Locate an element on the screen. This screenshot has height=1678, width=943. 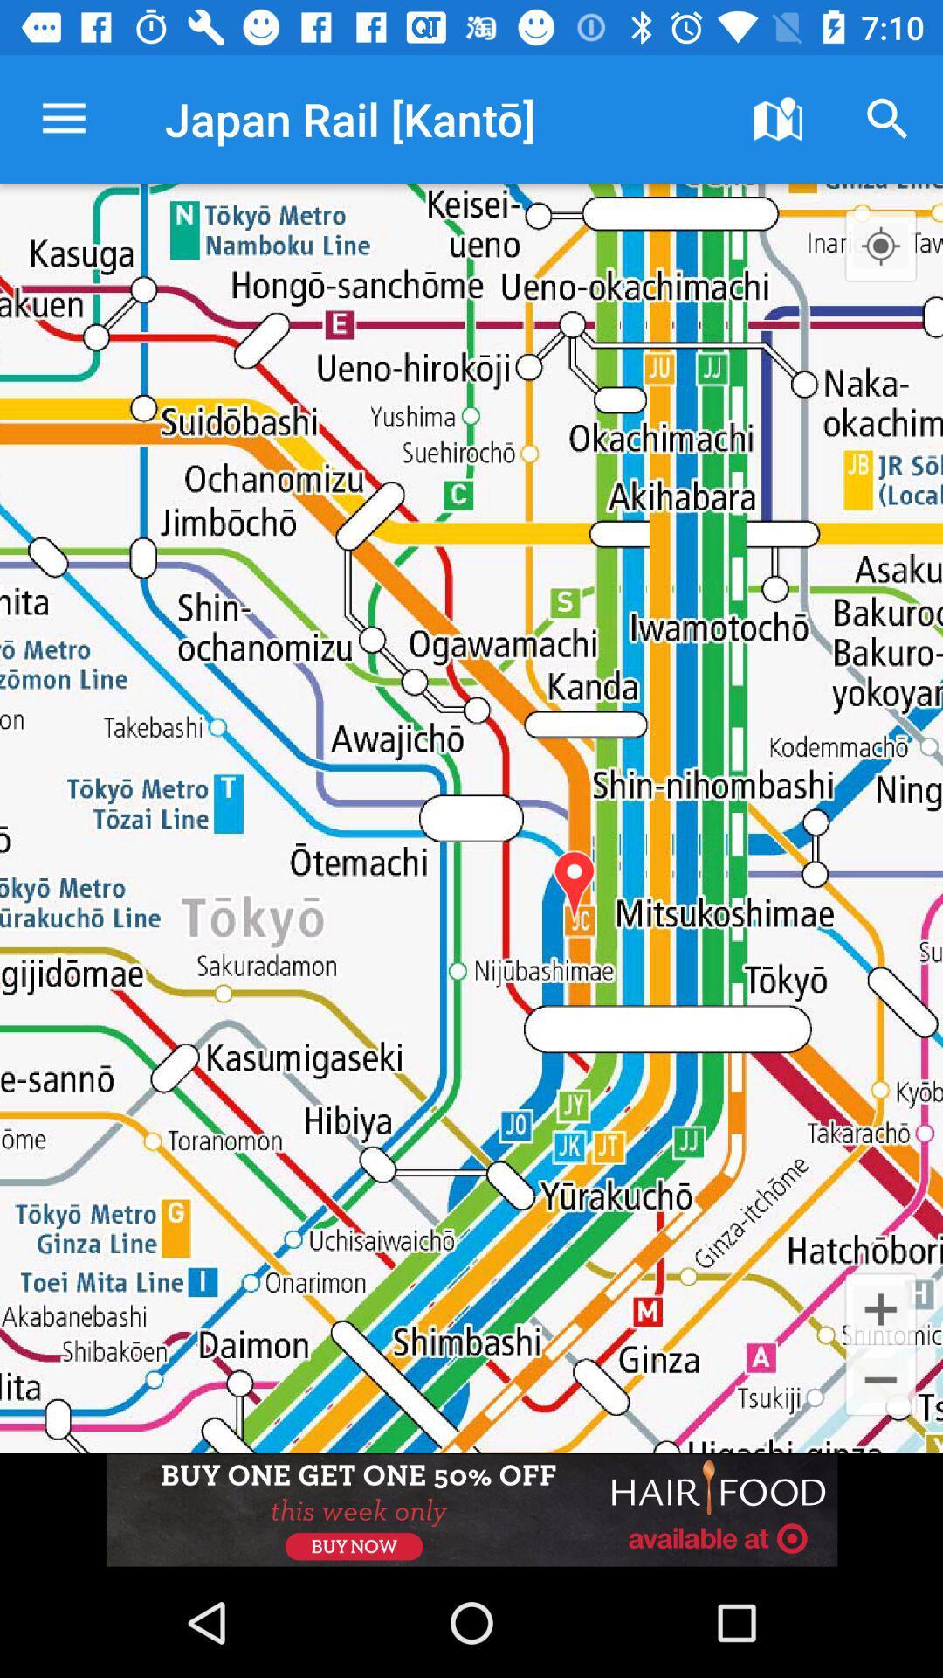
the minus icon is located at coordinates (880, 1379).